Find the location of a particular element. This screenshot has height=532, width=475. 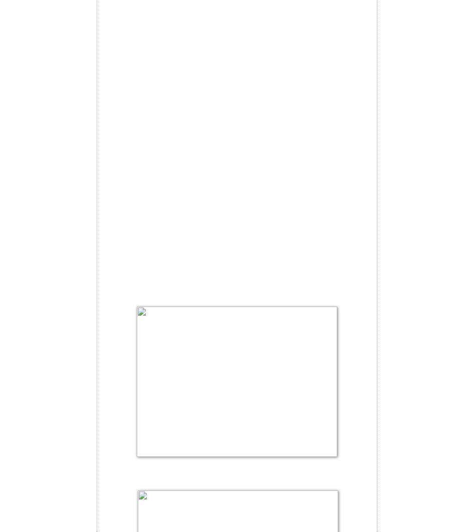

'Dough:' is located at coordinates (116, 38).